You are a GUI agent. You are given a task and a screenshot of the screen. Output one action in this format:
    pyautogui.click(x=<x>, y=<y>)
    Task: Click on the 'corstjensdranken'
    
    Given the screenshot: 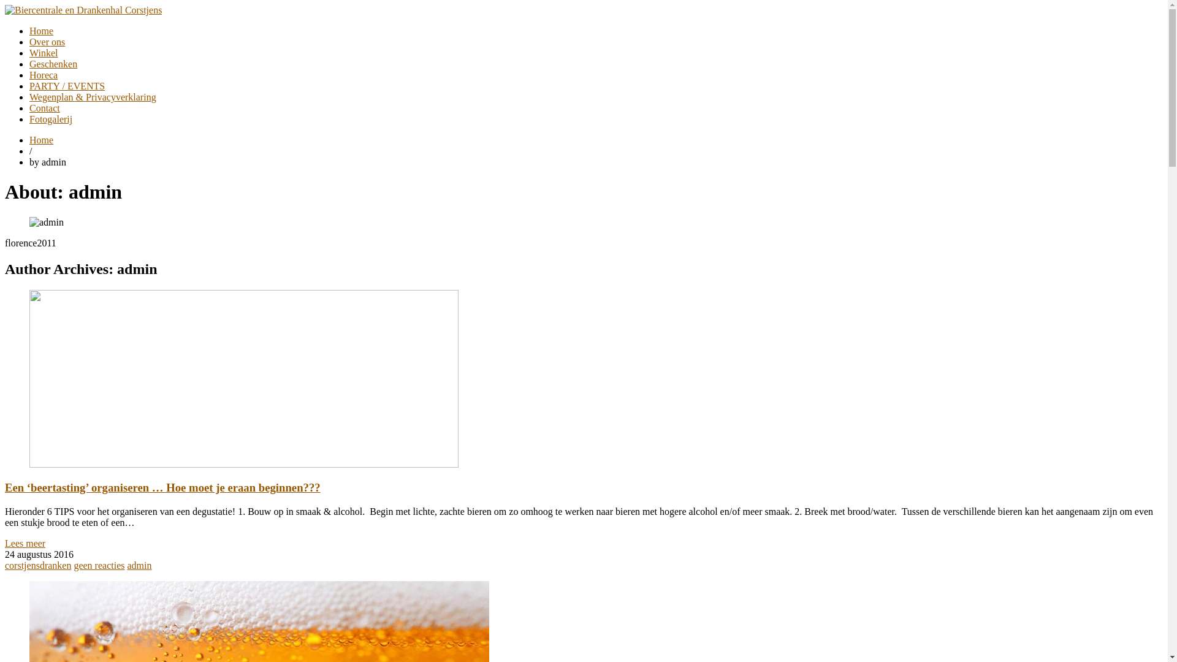 What is the action you would take?
    pyautogui.click(x=38, y=565)
    